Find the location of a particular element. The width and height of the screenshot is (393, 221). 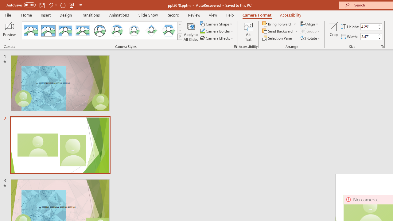

'Bring Forward' is located at coordinates (277, 24).